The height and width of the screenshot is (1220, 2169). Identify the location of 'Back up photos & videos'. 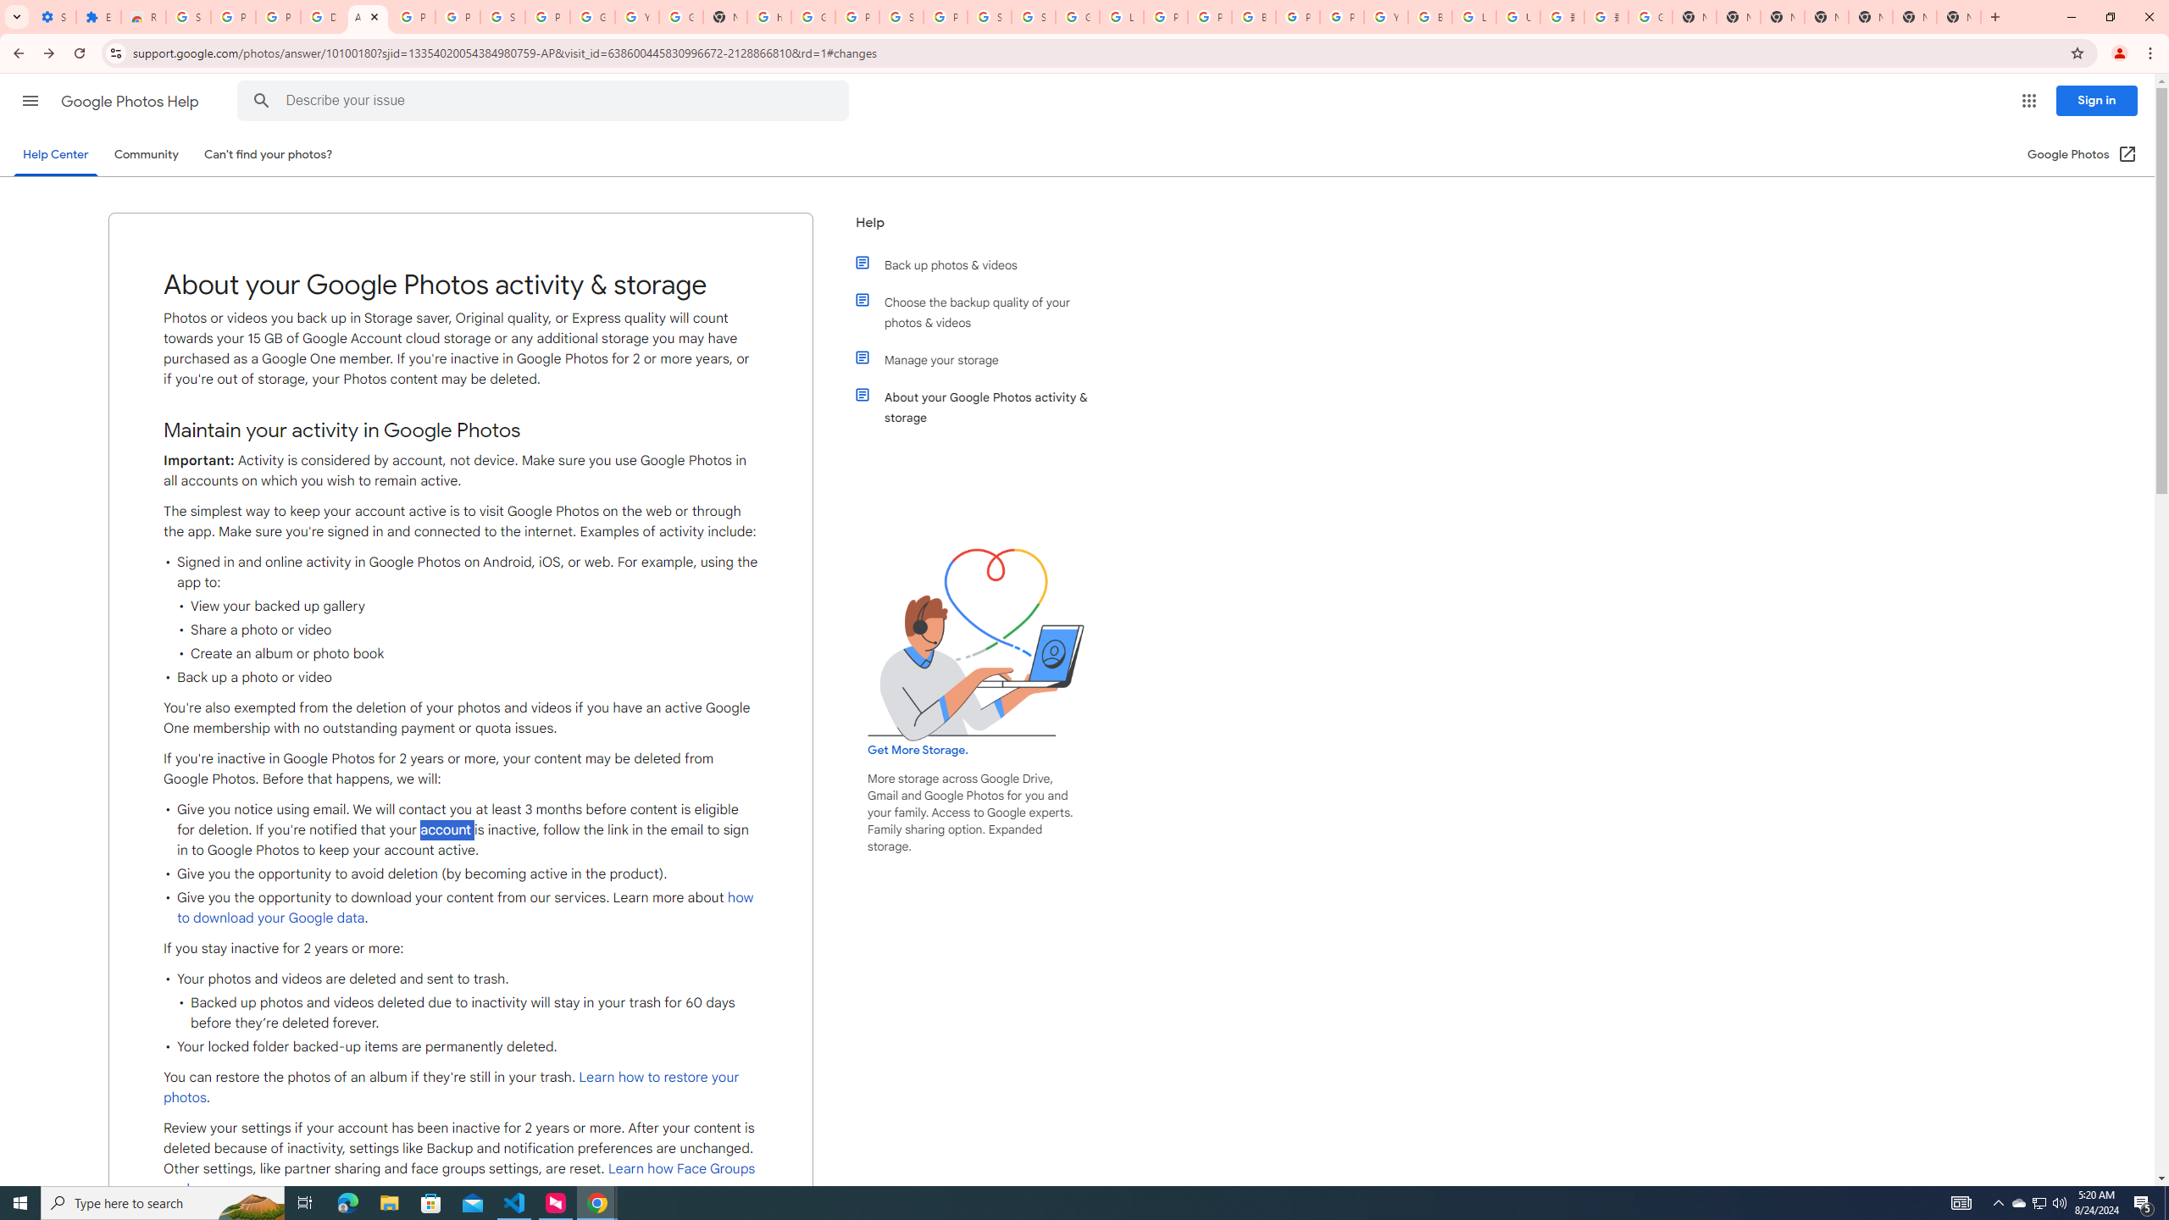
(985, 265).